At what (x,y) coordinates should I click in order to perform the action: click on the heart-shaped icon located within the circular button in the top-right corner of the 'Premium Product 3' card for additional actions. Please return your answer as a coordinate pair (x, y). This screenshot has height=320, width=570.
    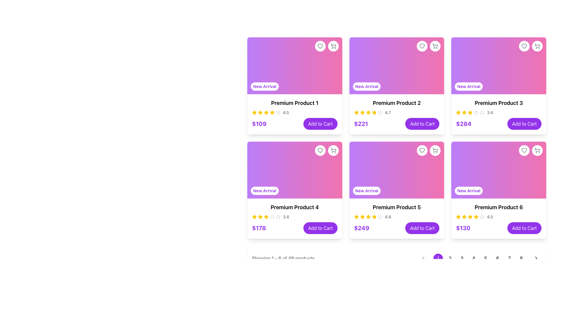
    Looking at the image, I should click on (524, 46).